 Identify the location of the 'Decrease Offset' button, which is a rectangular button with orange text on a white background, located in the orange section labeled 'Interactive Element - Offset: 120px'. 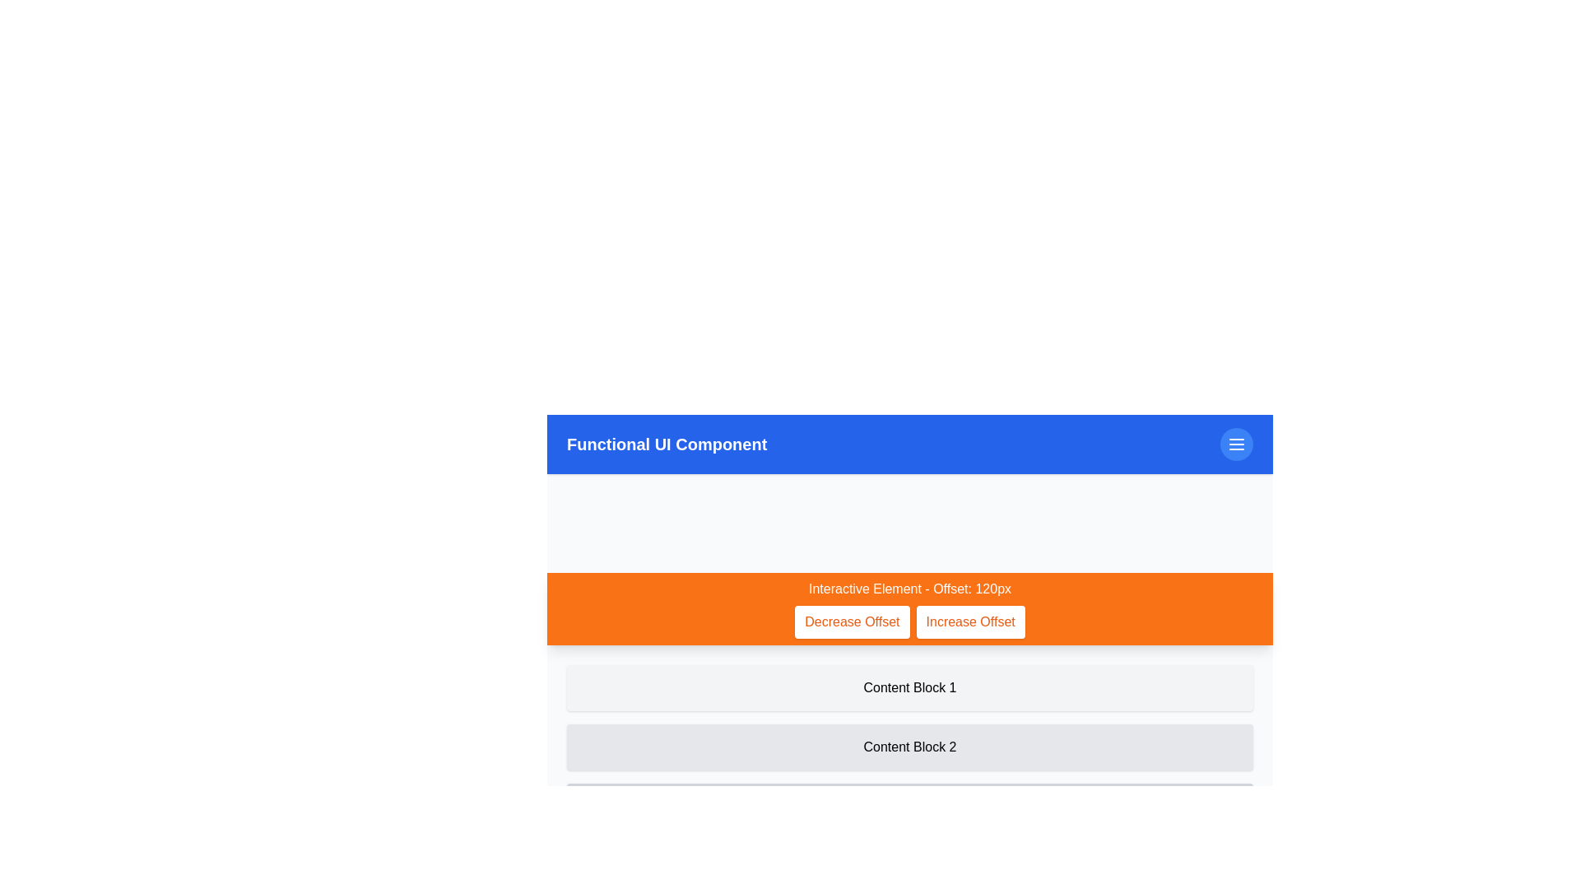
(852, 622).